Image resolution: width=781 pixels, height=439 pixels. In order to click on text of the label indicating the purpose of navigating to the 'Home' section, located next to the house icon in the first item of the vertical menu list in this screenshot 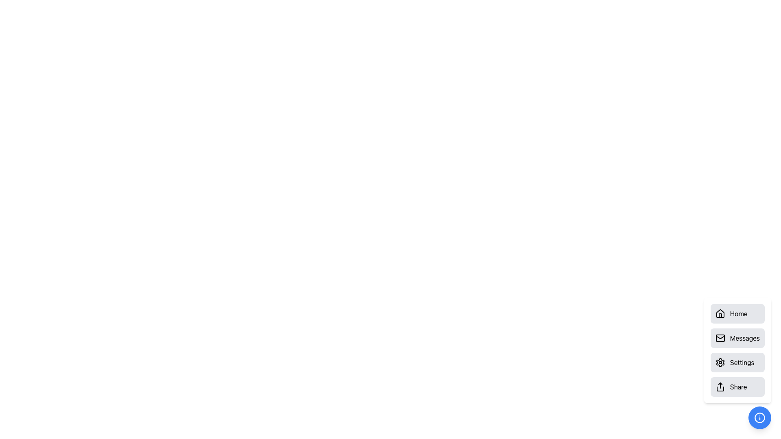, I will do `click(739, 313)`.